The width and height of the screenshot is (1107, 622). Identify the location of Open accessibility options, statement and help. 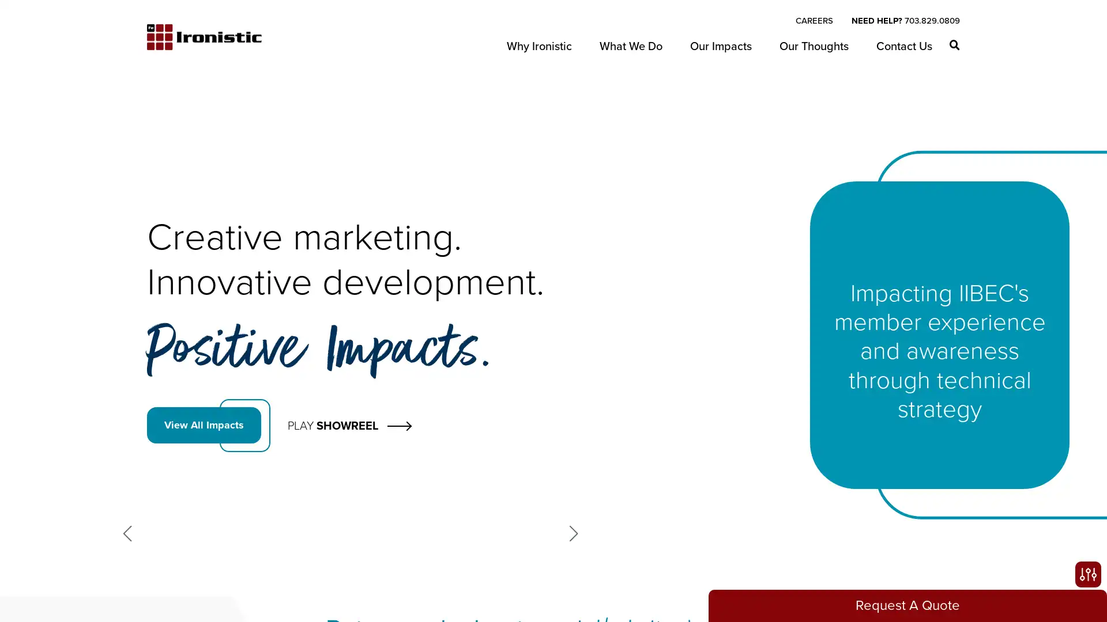
(1082, 574).